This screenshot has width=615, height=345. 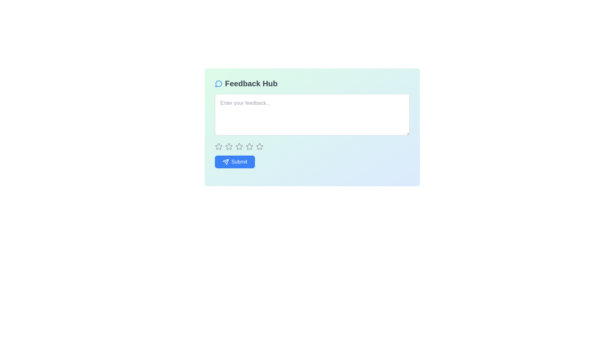 What do you see at coordinates (259, 146) in the screenshot?
I see `the fourth star` at bounding box center [259, 146].